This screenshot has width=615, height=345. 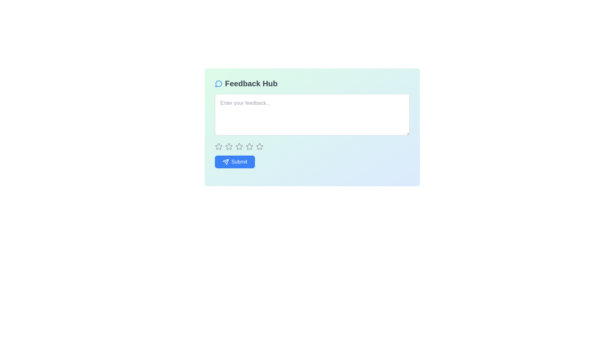 What do you see at coordinates (259, 146) in the screenshot?
I see `the fourth star` at bounding box center [259, 146].